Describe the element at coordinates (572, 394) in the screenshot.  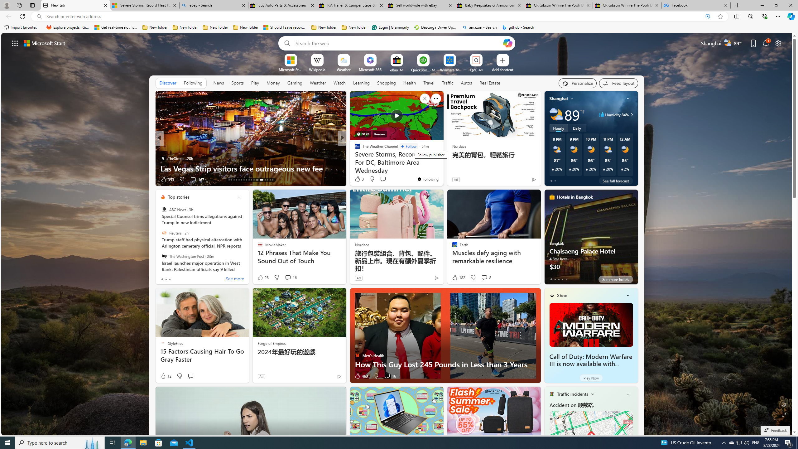
I see `'Traffic incidents'` at that location.